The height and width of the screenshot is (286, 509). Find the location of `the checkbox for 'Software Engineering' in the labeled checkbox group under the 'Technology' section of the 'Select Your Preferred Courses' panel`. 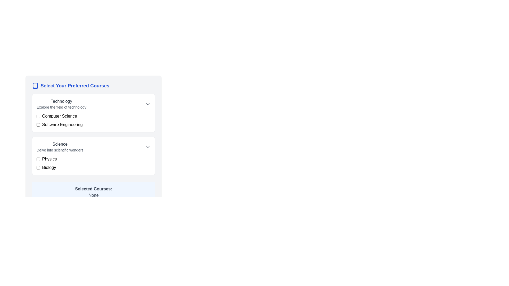

the checkbox for 'Software Engineering' in the labeled checkbox group under the 'Technology' section of the 'Select Your Preferred Courses' panel is located at coordinates (94, 120).